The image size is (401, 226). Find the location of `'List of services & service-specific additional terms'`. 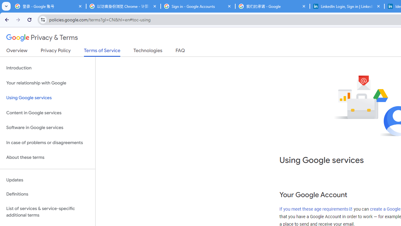

'List of services & service-specific additional terms' is located at coordinates (47, 212).